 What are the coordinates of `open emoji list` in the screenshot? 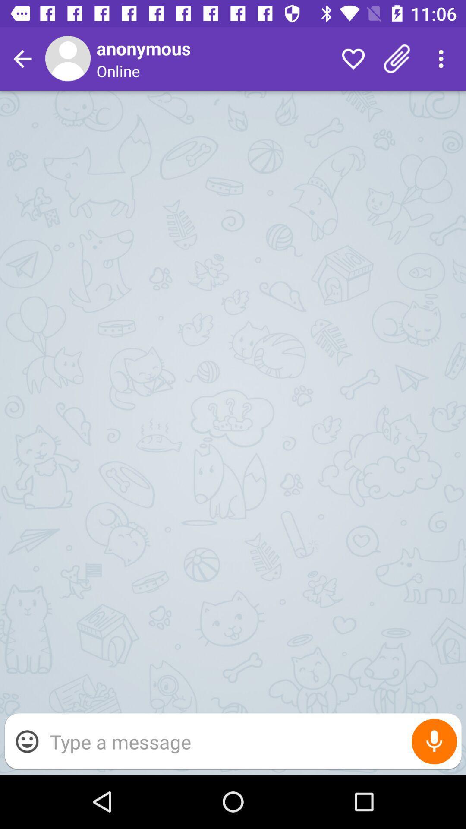 It's located at (26, 741).